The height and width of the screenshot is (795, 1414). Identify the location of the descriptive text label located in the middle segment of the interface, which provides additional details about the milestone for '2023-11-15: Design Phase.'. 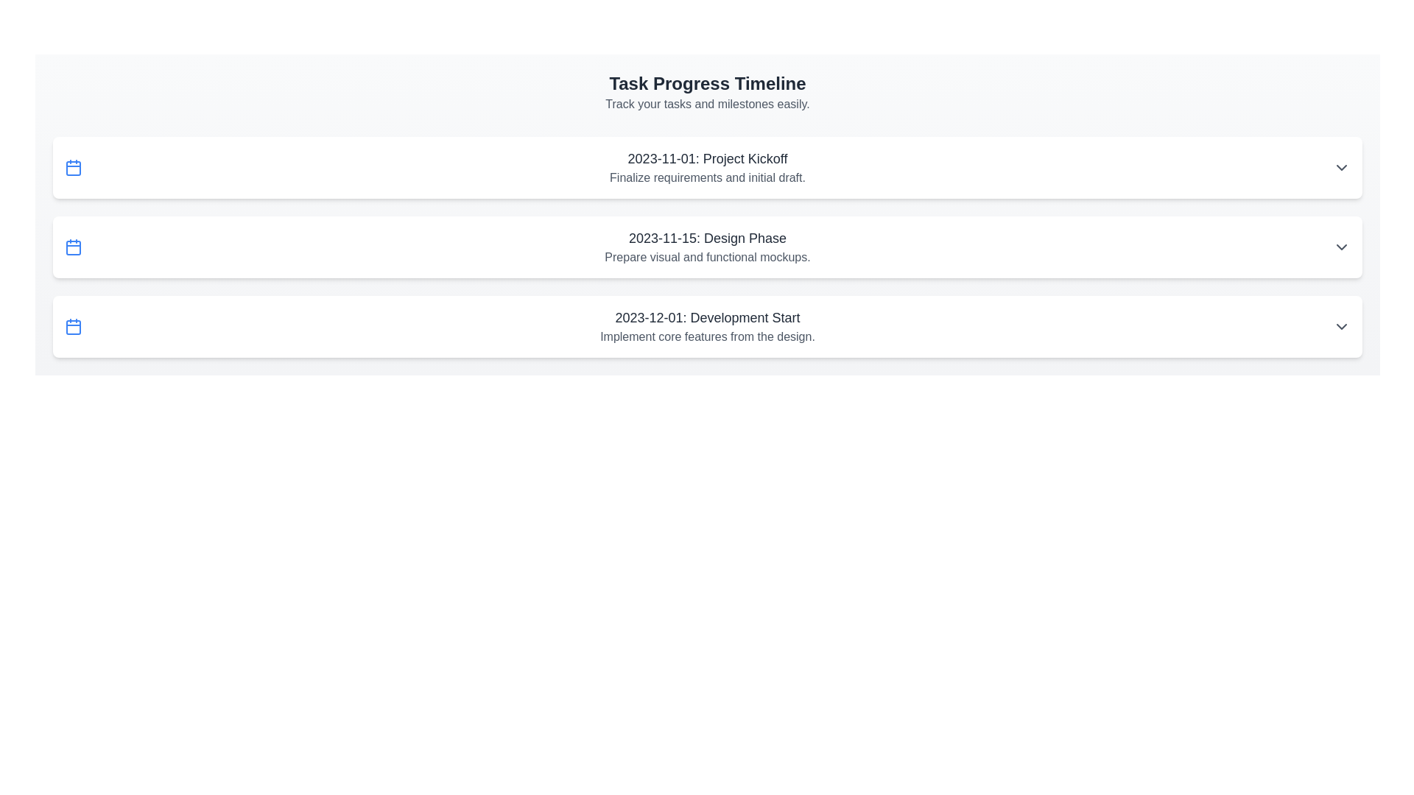
(707, 257).